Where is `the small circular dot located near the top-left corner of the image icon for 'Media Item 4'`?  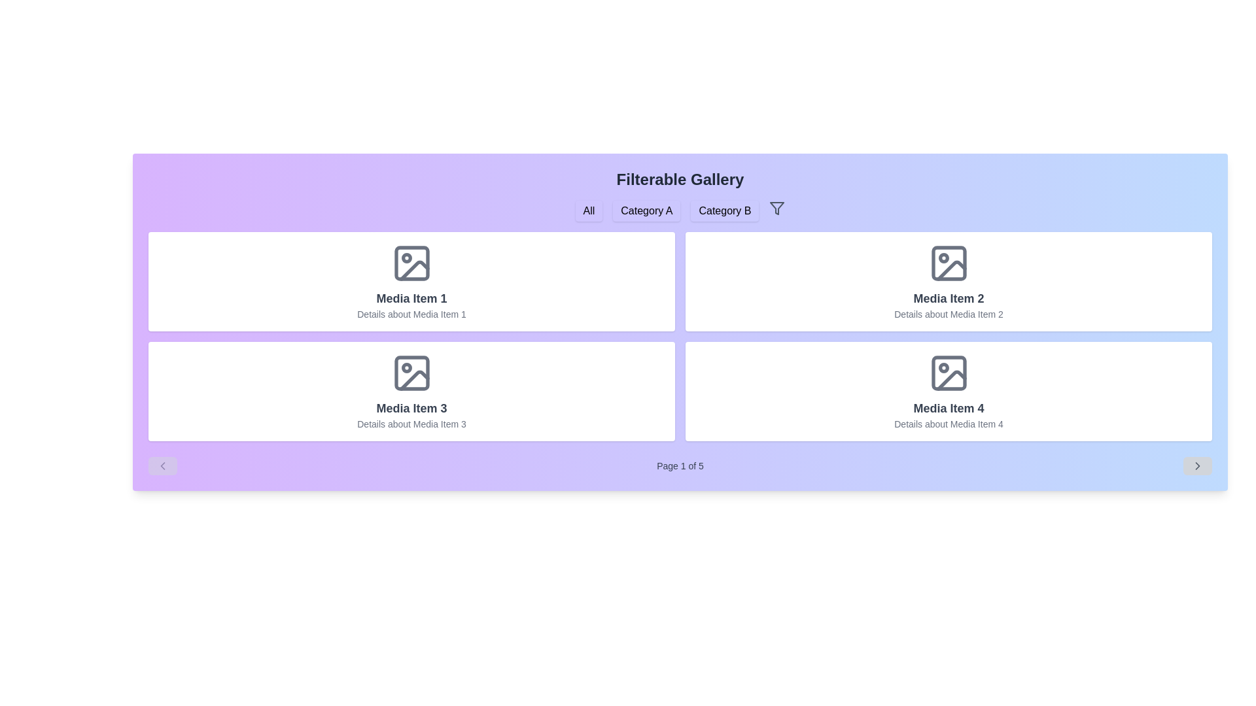 the small circular dot located near the top-left corner of the image icon for 'Media Item 4' is located at coordinates (943, 368).